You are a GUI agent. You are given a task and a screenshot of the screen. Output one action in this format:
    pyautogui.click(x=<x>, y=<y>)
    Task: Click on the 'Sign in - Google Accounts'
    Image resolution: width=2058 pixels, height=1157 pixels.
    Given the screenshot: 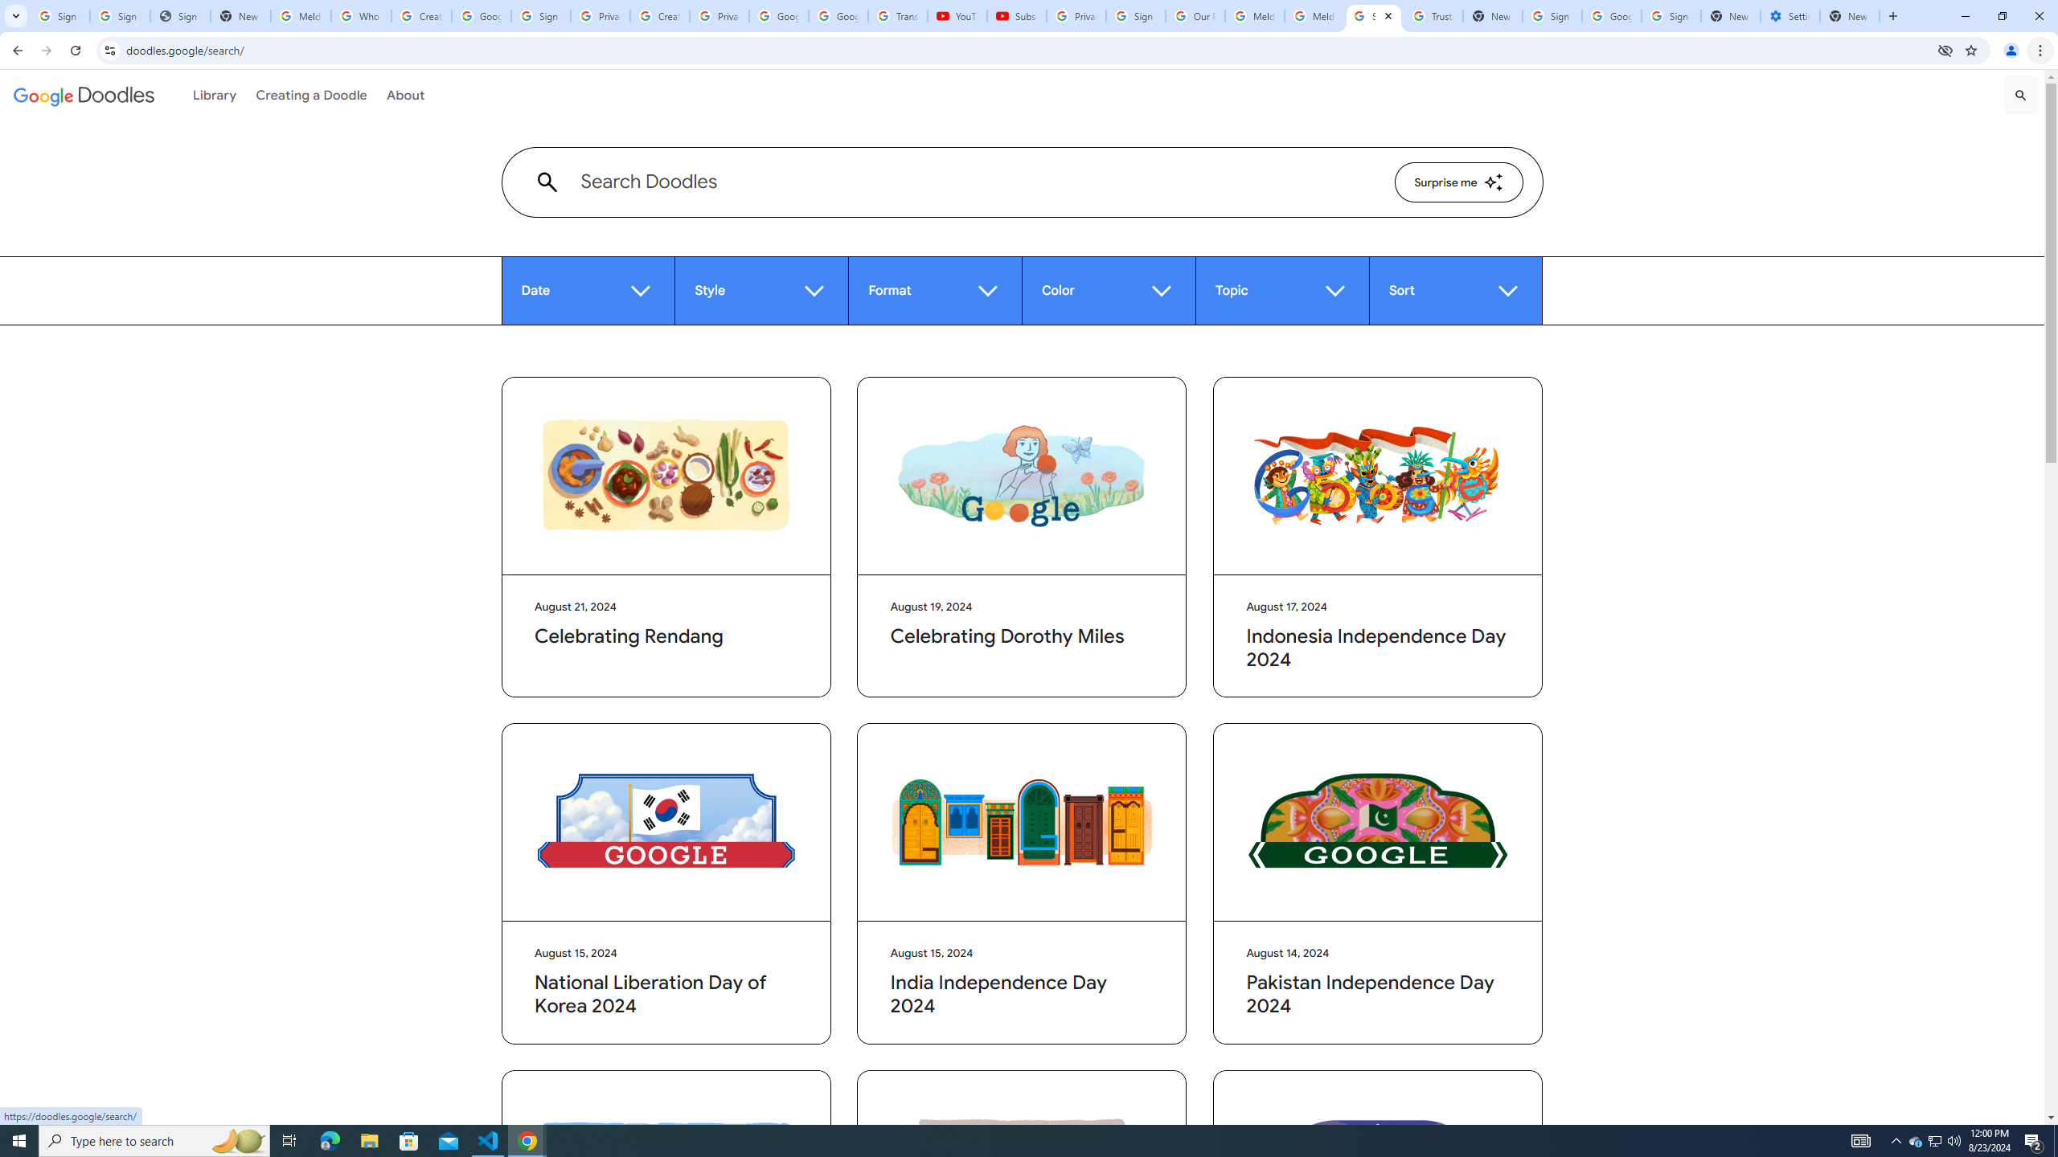 What is the action you would take?
    pyautogui.click(x=1136, y=15)
    